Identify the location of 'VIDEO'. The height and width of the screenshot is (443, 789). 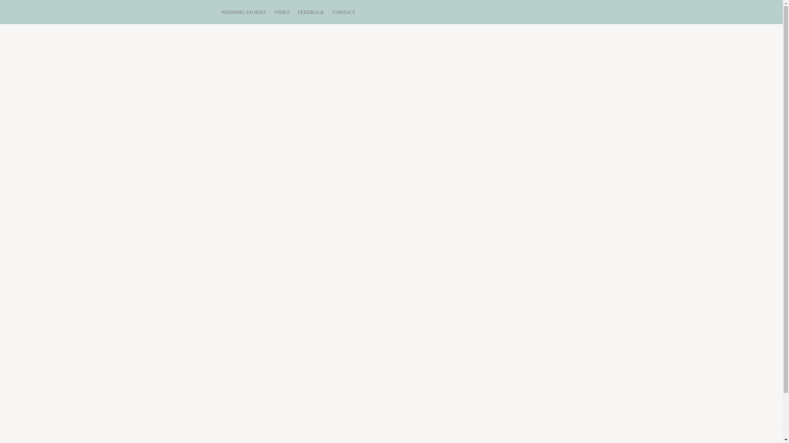
(282, 12).